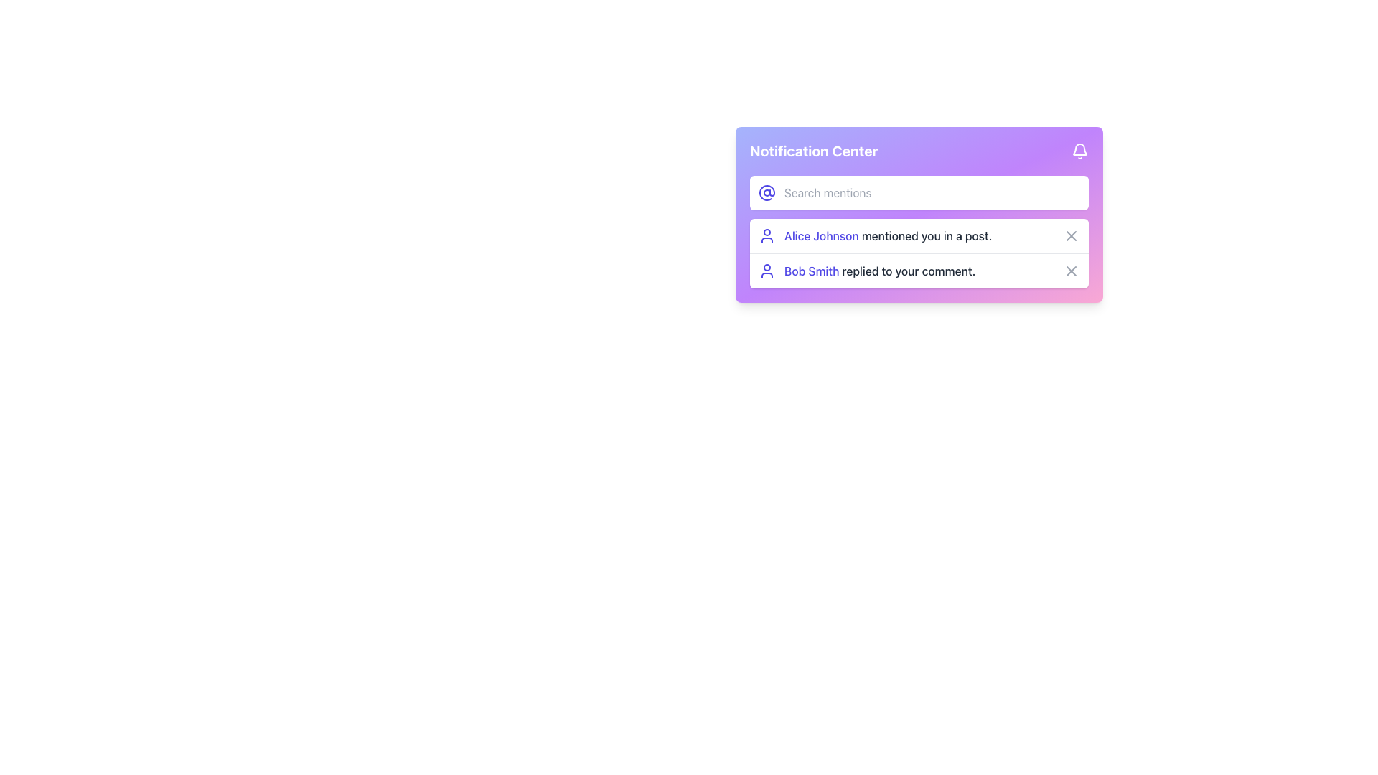  Describe the element at coordinates (767, 235) in the screenshot. I see `the user profile icon located in the top notification block, to the left of the text 'Alice Johnson mentioned you in a post.' This icon serves as a visual indicator for the notification` at that location.